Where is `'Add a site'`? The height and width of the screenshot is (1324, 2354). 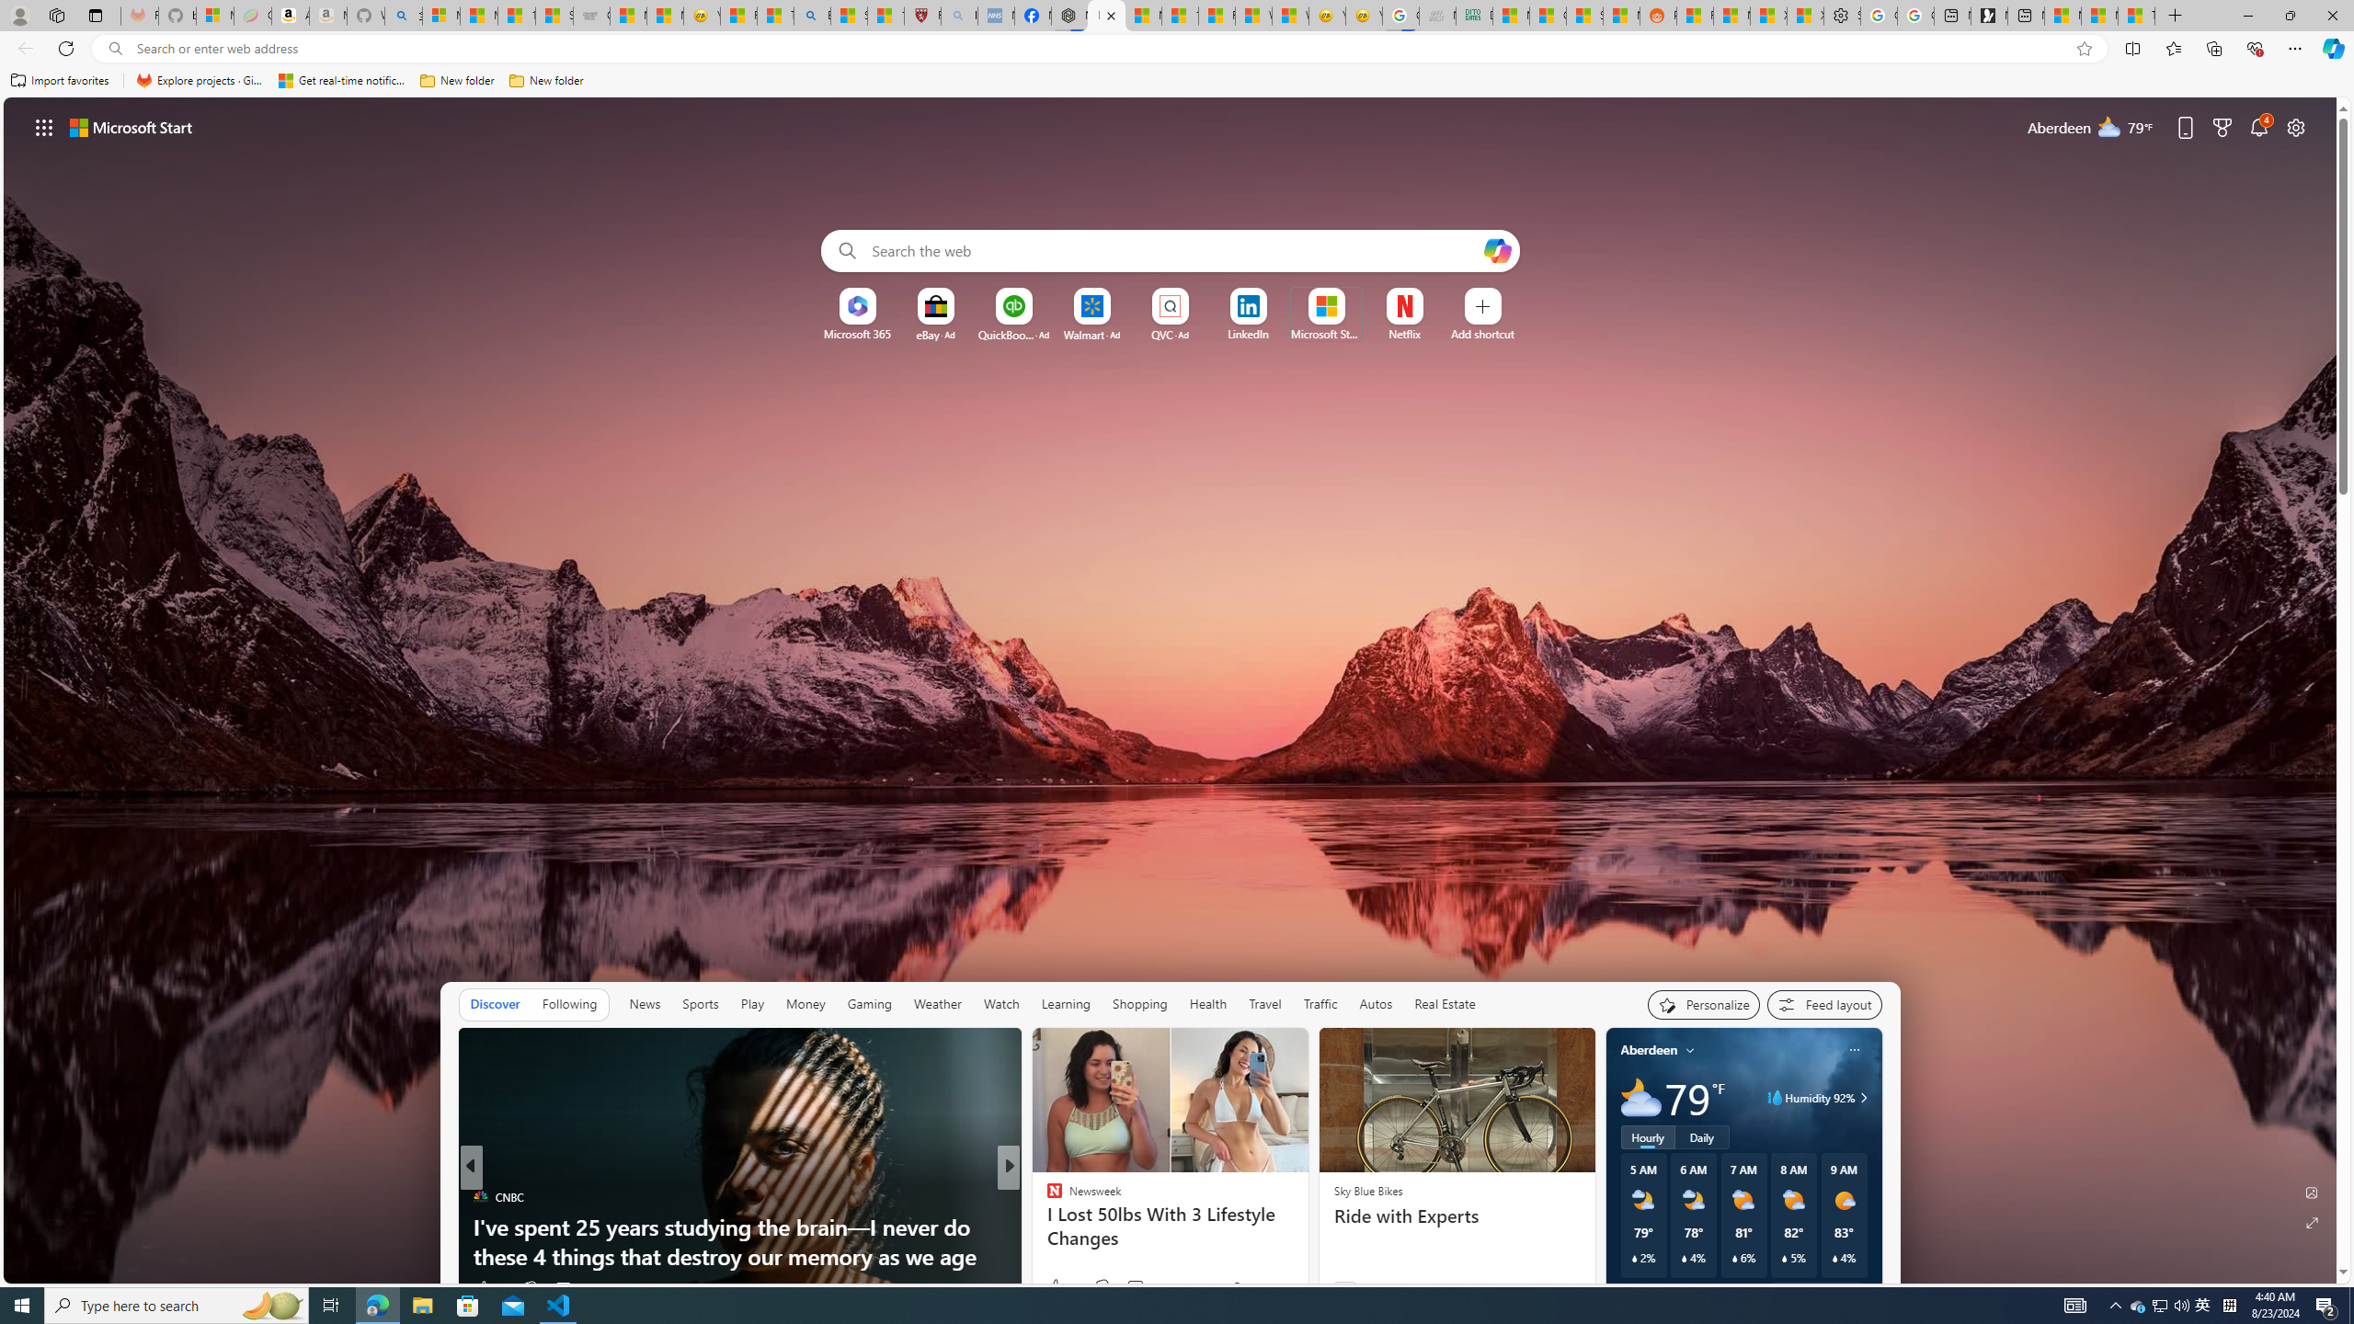 'Add a site' is located at coordinates (1480, 334).